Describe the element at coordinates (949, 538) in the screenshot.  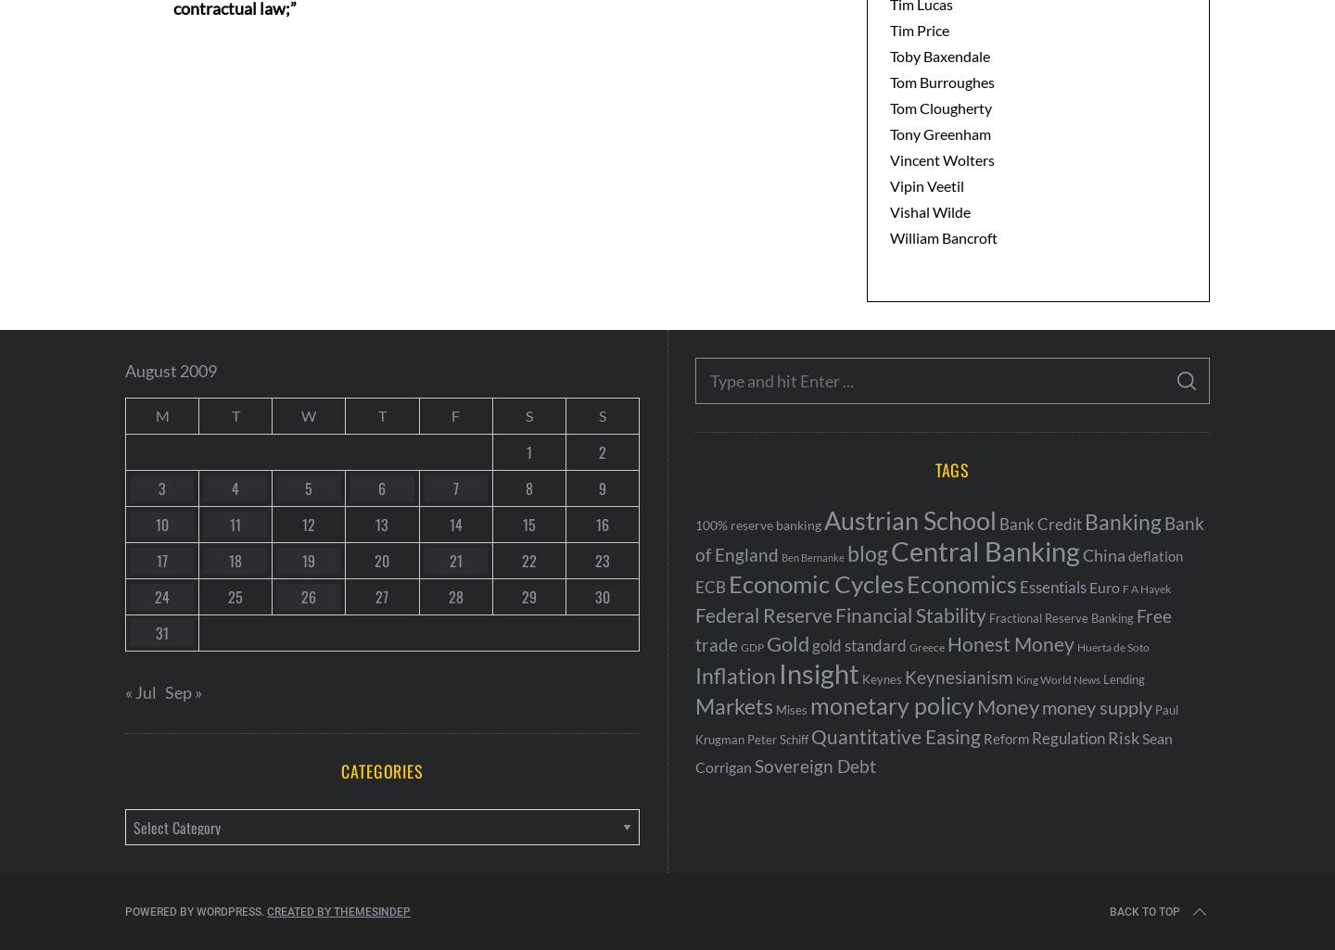
I see `'Bank of England'` at that location.